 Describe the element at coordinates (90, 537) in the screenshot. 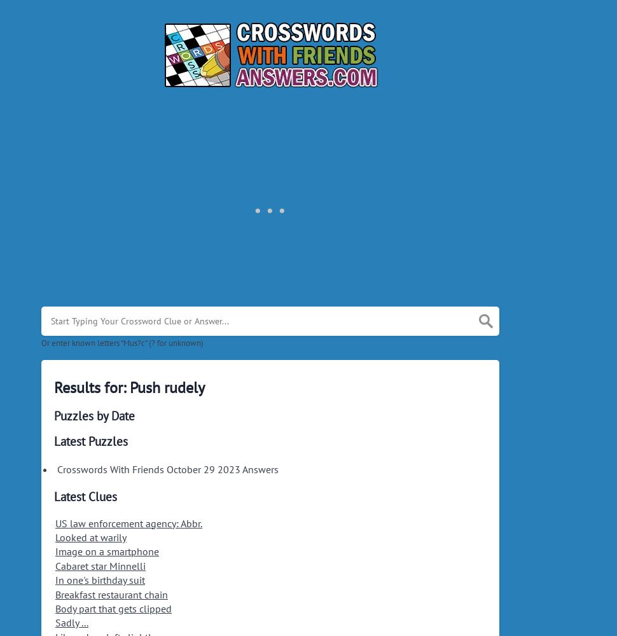

I see `'Looked at warily'` at that location.